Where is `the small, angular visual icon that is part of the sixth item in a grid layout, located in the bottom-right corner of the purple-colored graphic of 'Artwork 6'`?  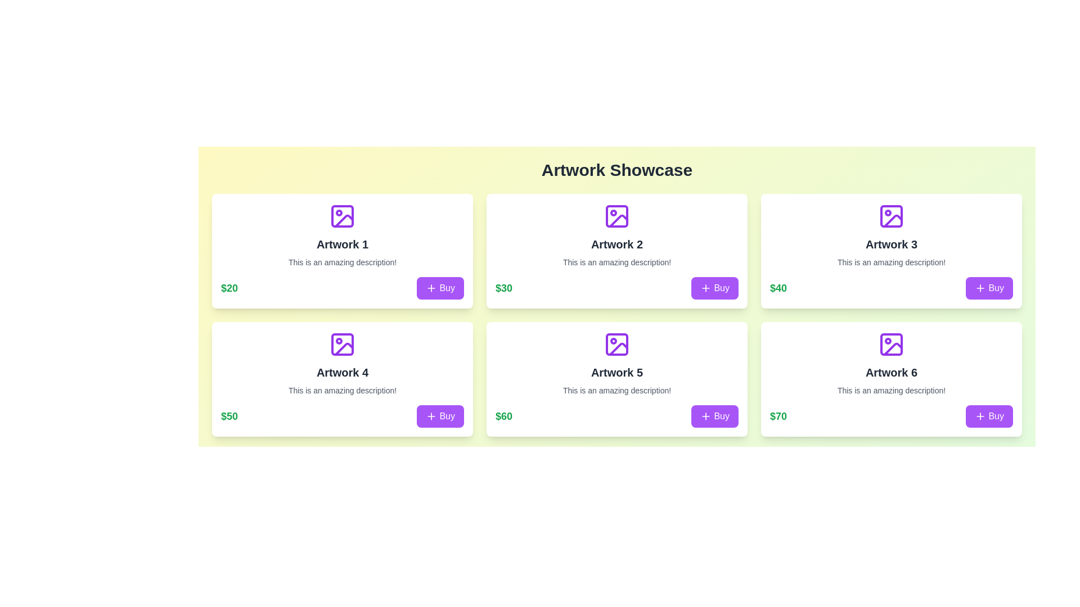 the small, angular visual icon that is part of the sixth item in a grid layout, located in the bottom-right corner of the purple-colored graphic of 'Artwork 6' is located at coordinates (893, 348).